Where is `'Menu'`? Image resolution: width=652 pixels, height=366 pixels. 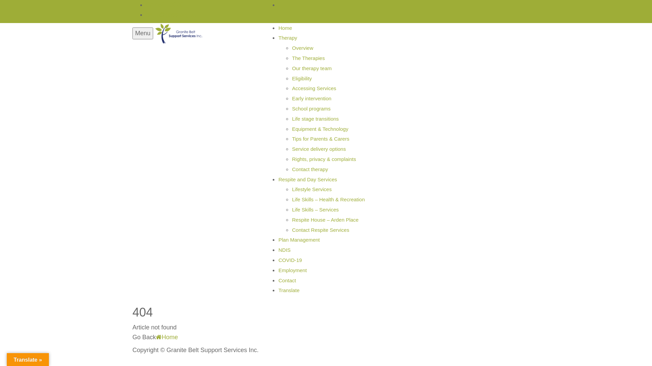
'Menu' is located at coordinates (142, 33).